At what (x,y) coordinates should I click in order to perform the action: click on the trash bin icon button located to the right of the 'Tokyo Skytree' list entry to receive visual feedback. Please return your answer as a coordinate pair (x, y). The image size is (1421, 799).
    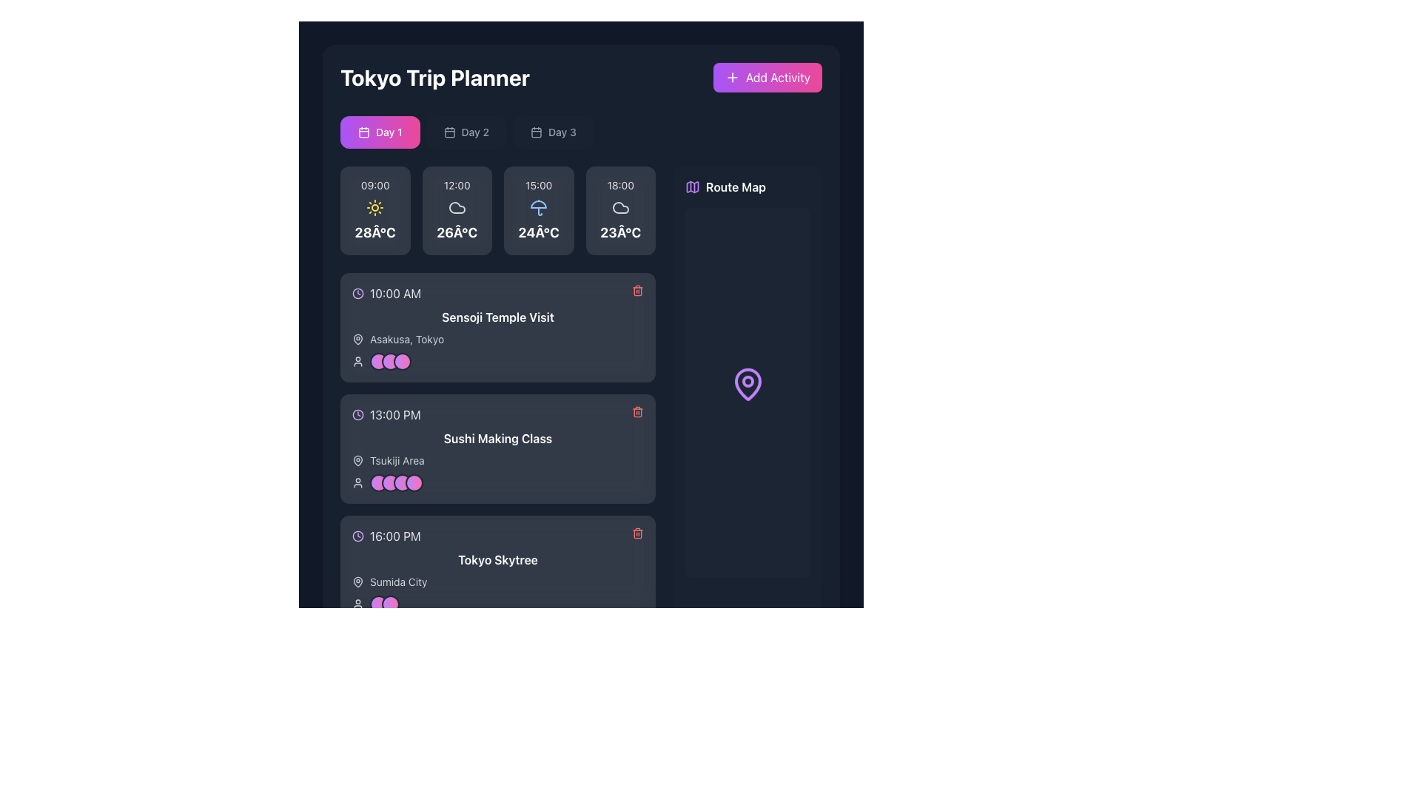
    Looking at the image, I should click on (638, 533).